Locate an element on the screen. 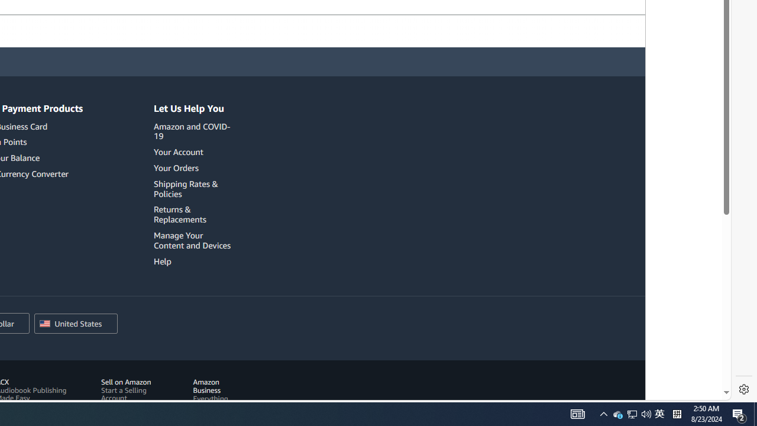  'Shipping Rates & Policies' is located at coordinates (185, 188).